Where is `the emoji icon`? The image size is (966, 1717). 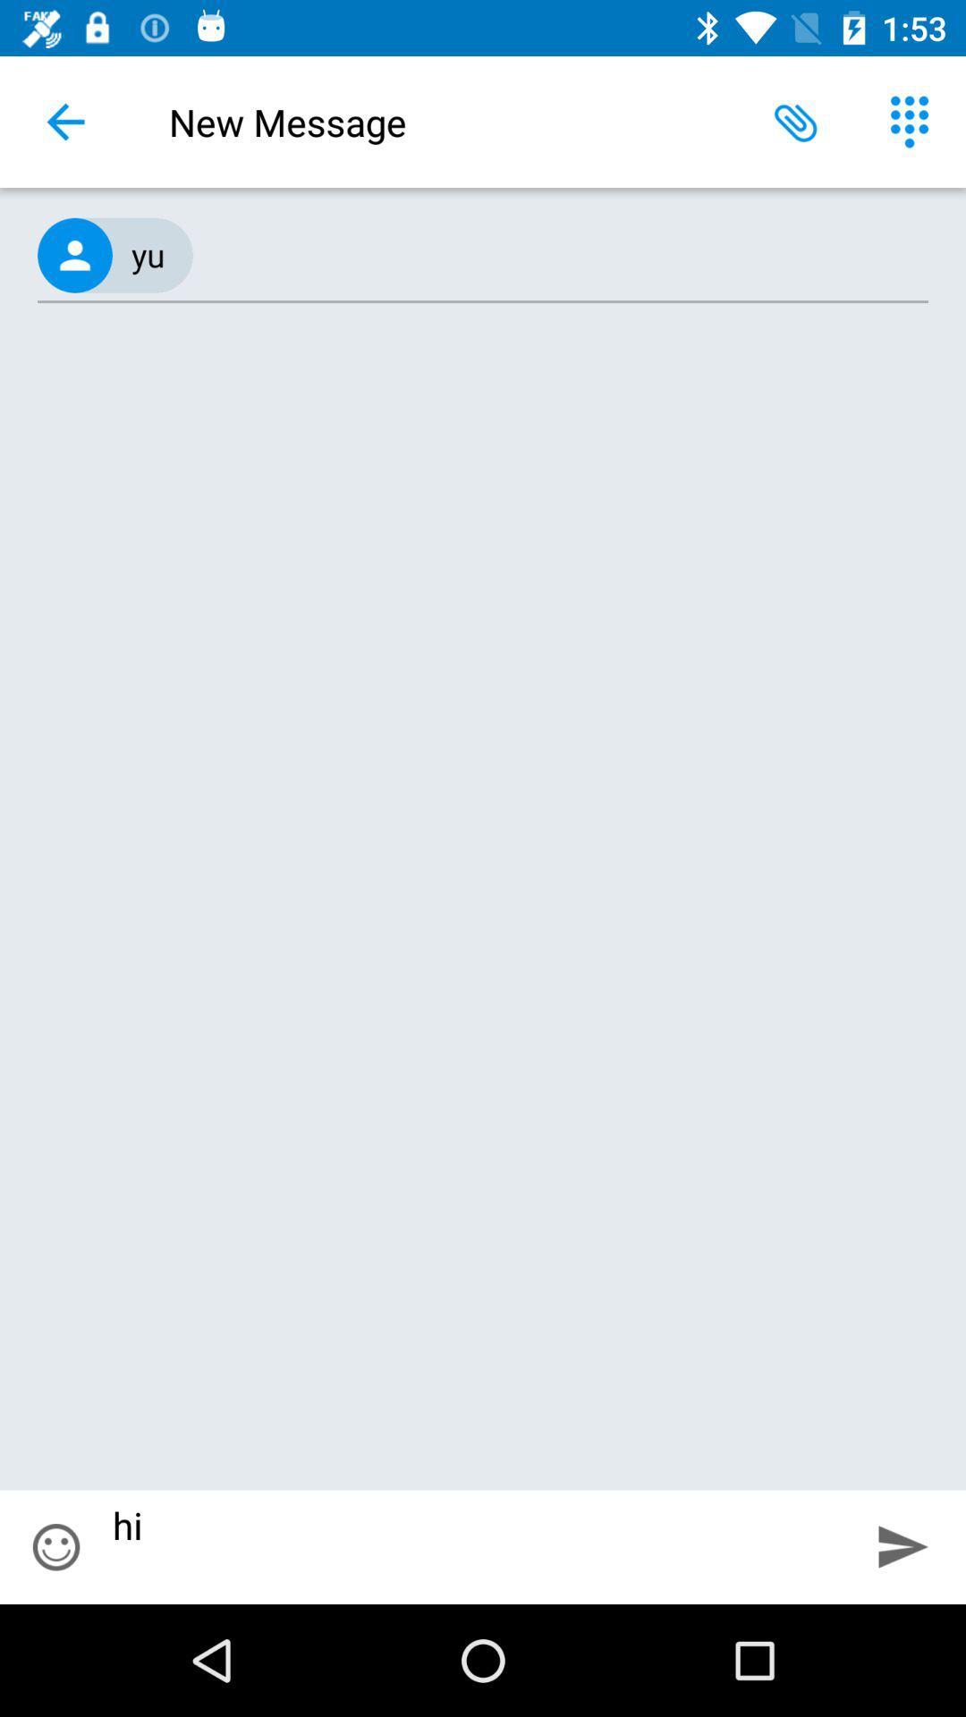
the emoji icon is located at coordinates (55, 1546).